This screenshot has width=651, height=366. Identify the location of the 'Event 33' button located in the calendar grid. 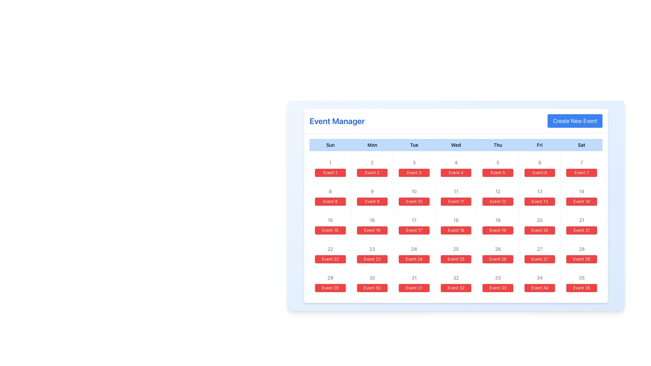
(498, 288).